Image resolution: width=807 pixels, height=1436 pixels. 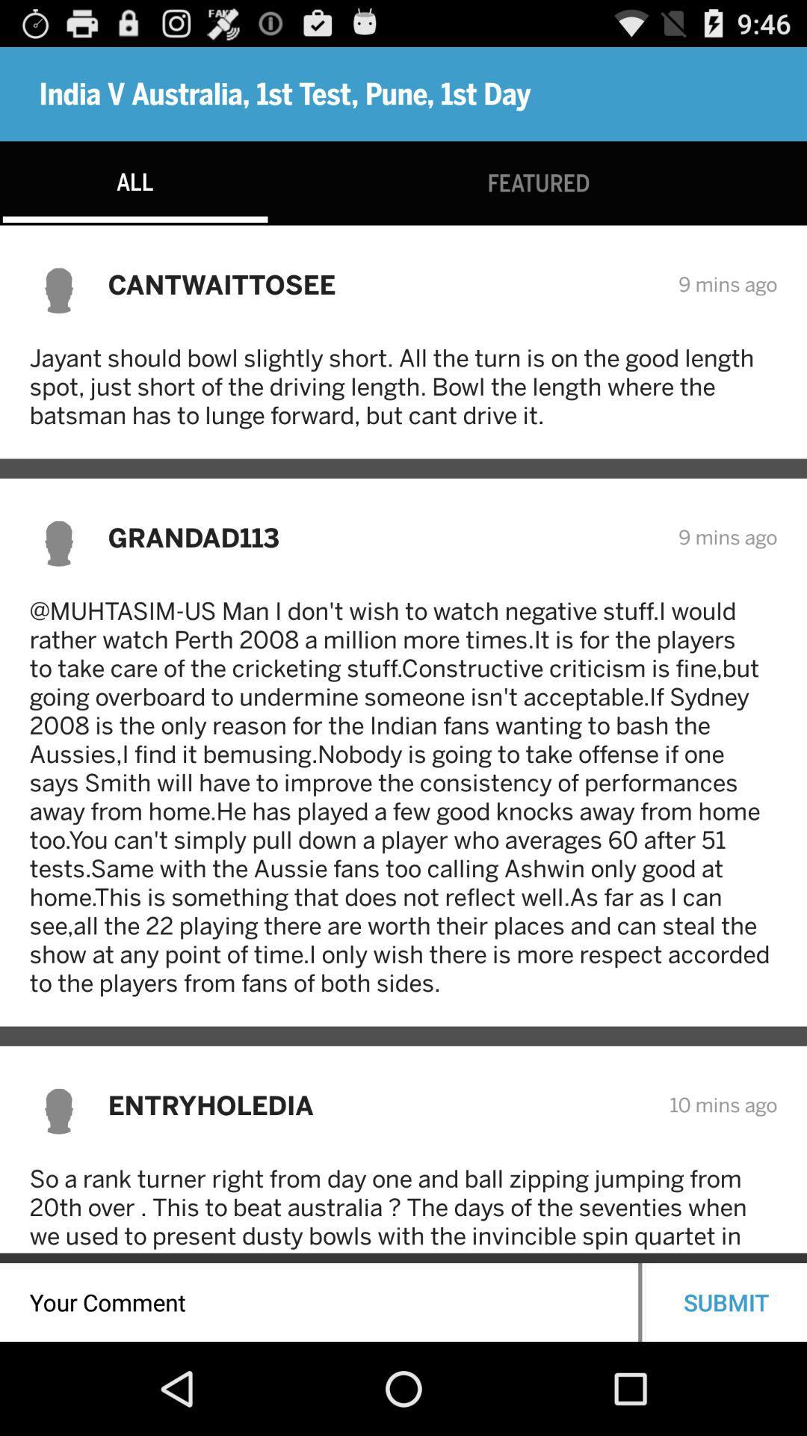 I want to click on muhtasim us man, so click(x=403, y=796).